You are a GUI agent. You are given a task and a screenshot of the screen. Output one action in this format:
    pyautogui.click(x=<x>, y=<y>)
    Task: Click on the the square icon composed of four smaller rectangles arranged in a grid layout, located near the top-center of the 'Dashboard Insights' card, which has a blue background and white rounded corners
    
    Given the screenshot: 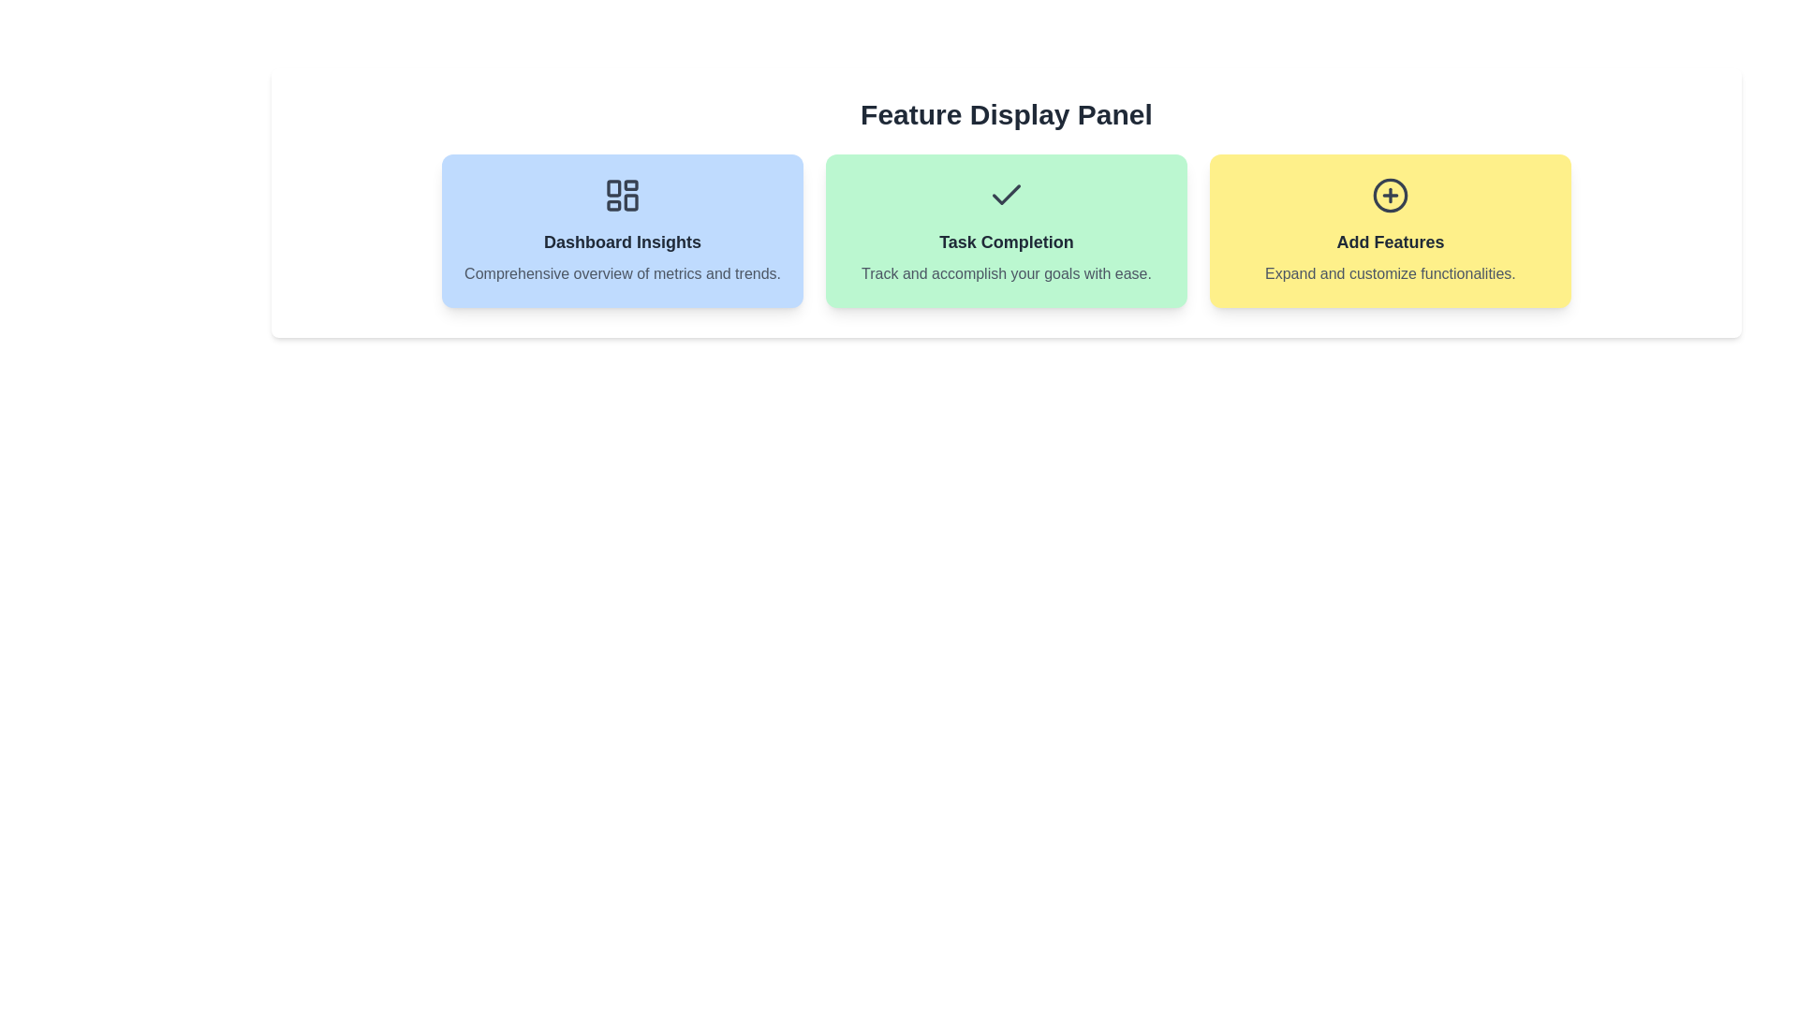 What is the action you would take?
    pyautogui.click(x=623, y=195)
    